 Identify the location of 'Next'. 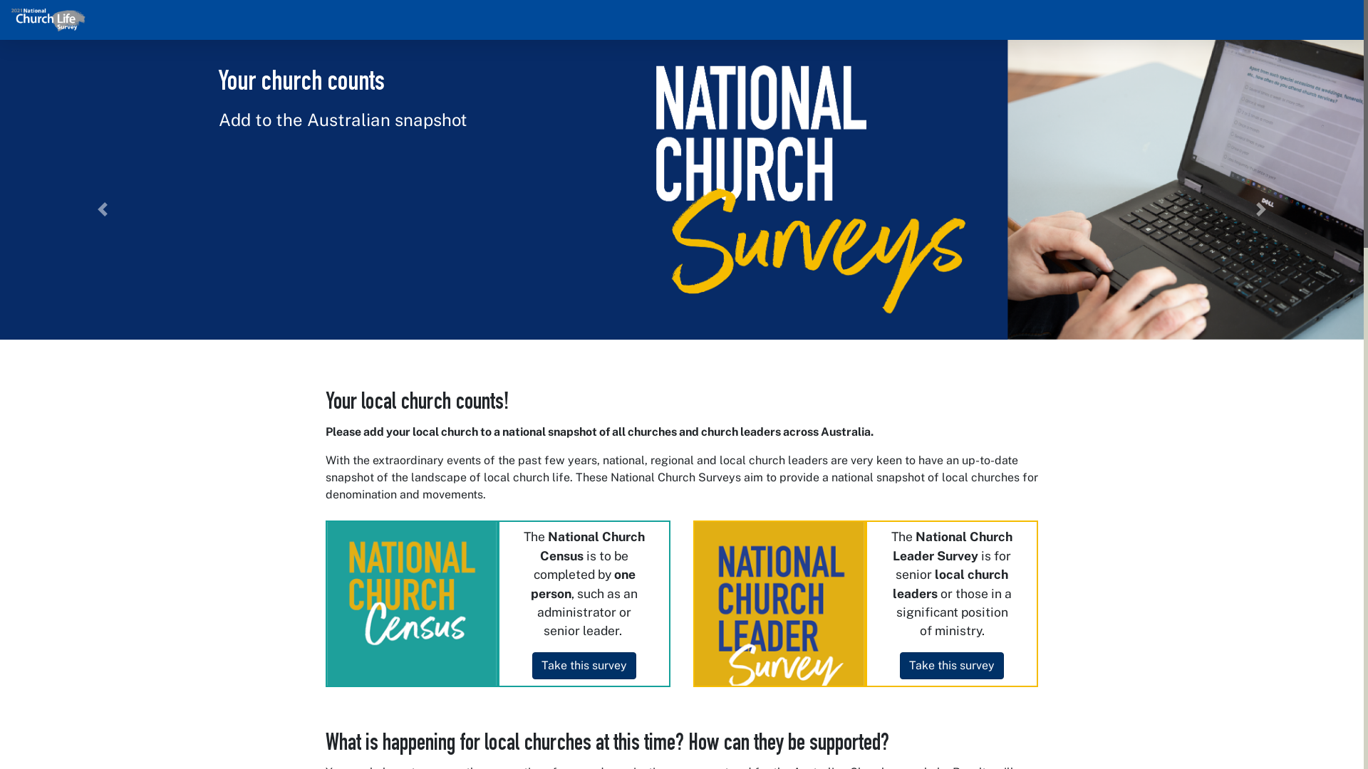
(1261, 209).